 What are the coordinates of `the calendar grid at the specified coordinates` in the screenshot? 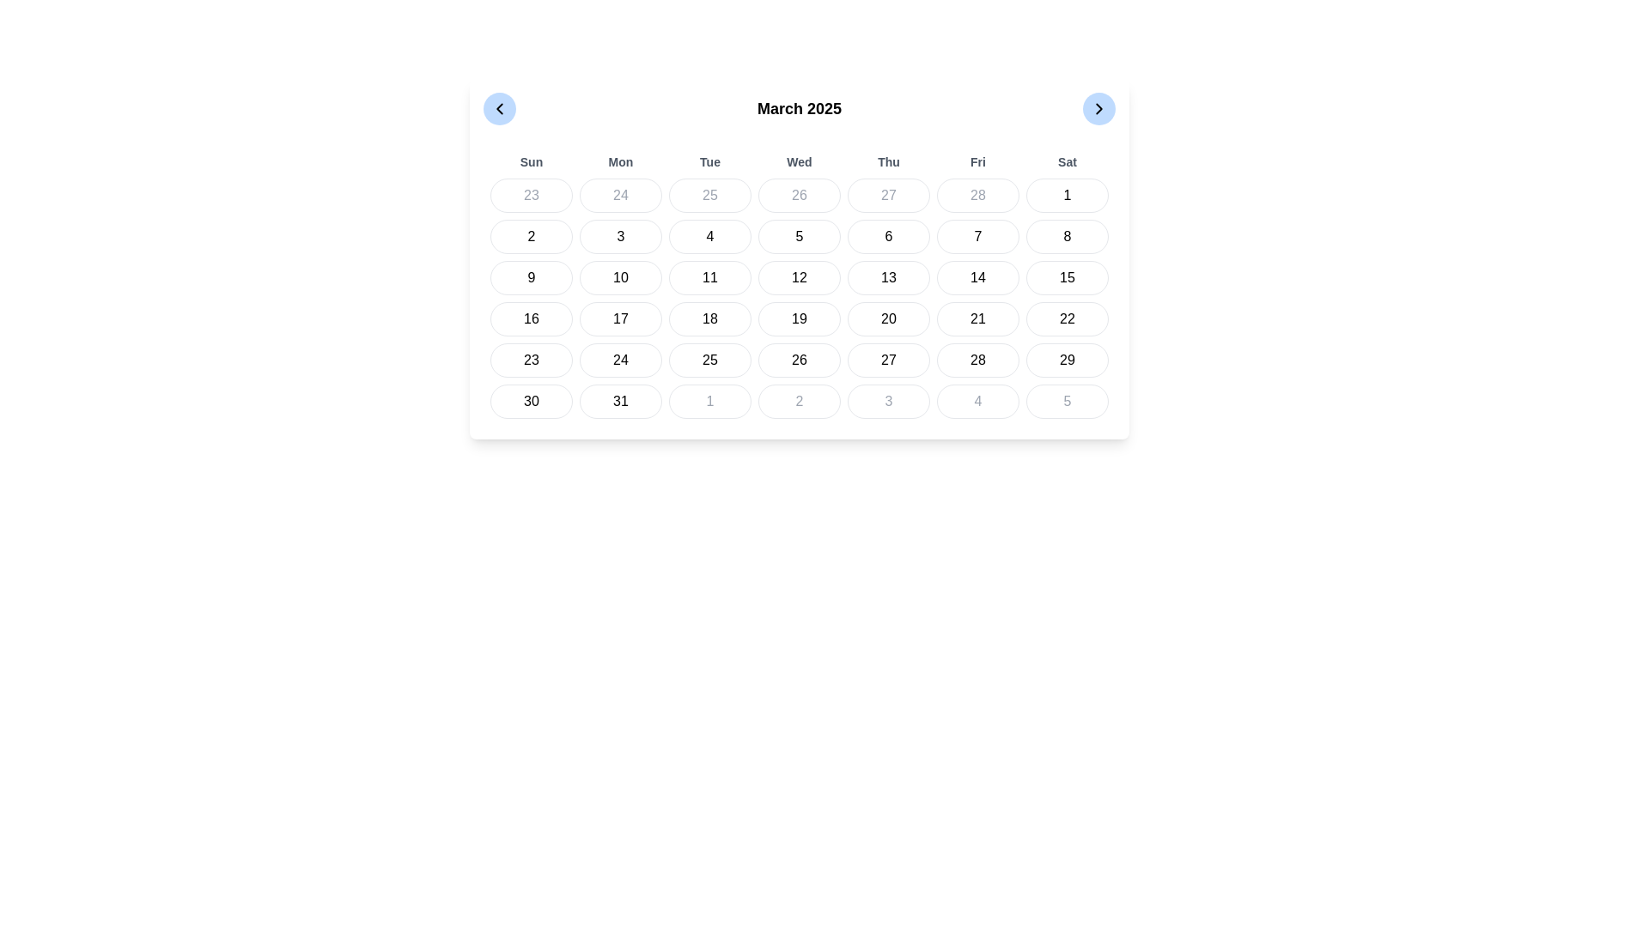 It's located at (799, 284).